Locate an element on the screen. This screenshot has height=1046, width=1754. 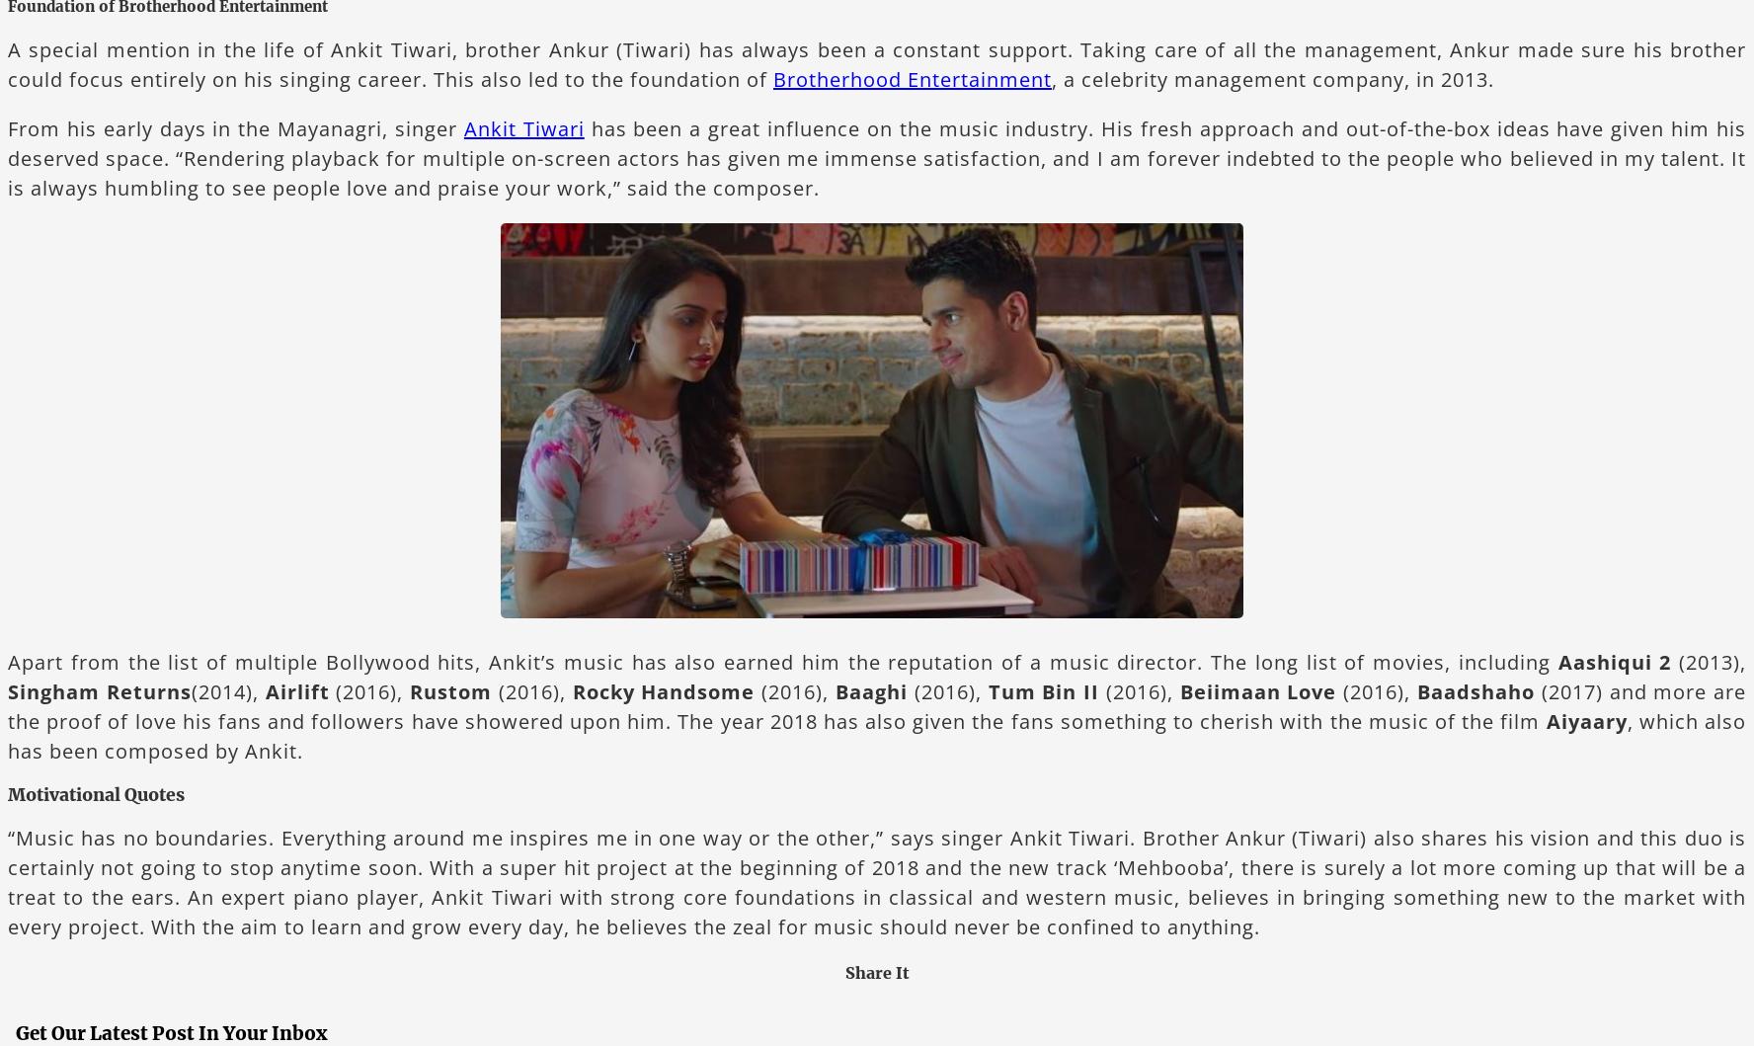
'(2013),' is located at coordinates (1677, 661).